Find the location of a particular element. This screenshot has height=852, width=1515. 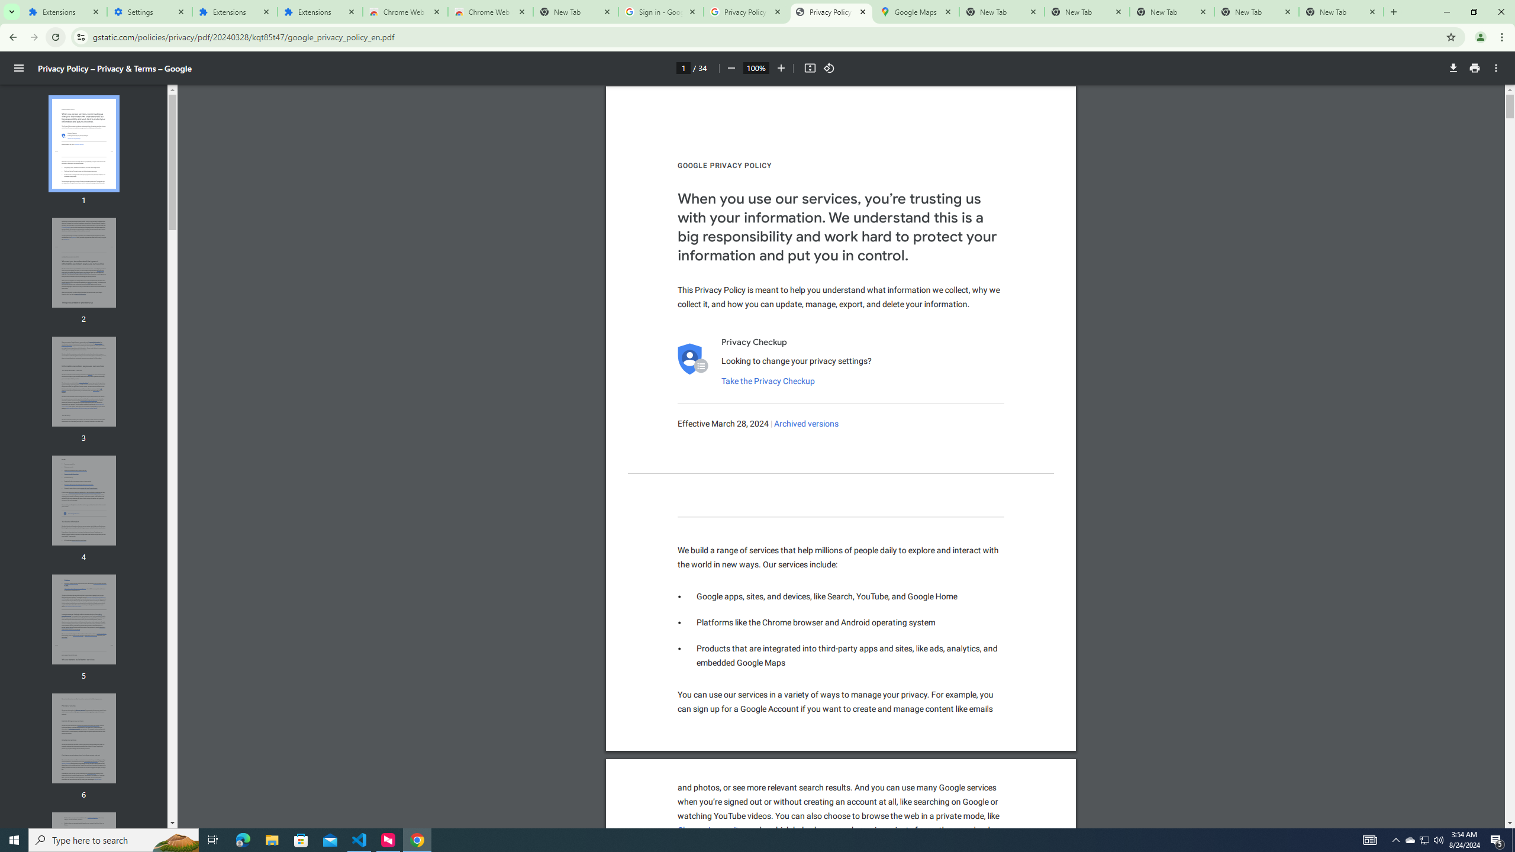

'Thumbnail for page 5' is located at coordinates (84, 619).